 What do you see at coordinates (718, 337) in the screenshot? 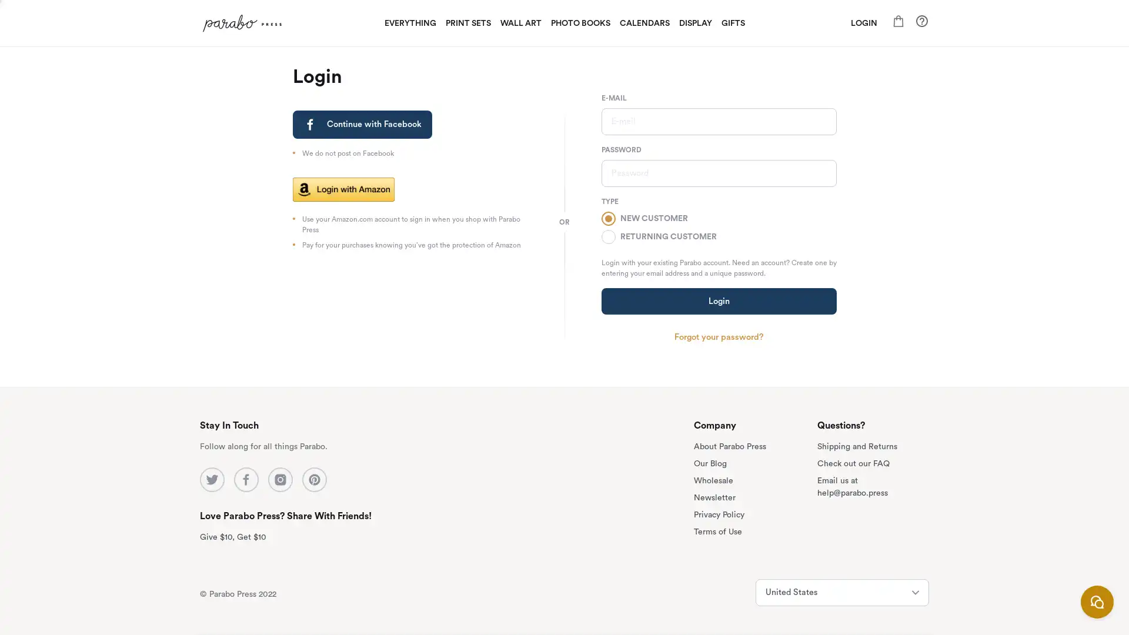
I see `Forgot your password?` at bounding box center [718, 337].